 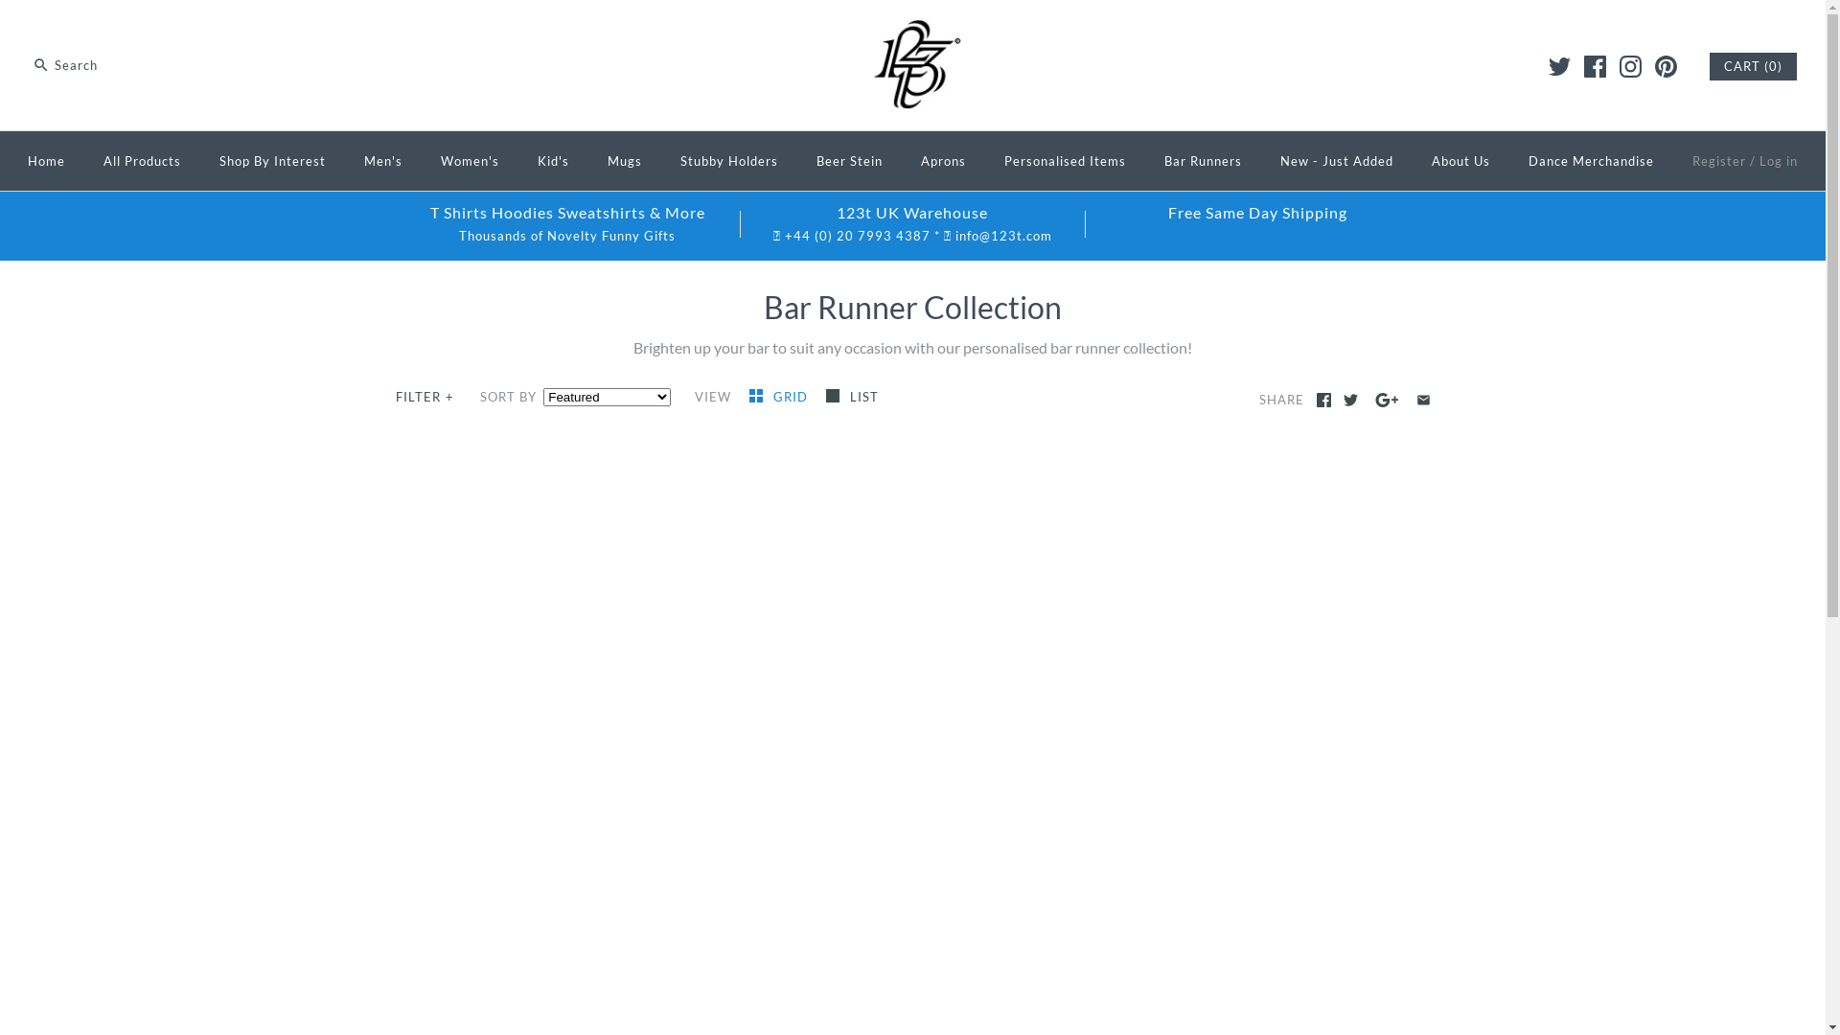 I want to click on 'Register', so click(x=1719, y=160).